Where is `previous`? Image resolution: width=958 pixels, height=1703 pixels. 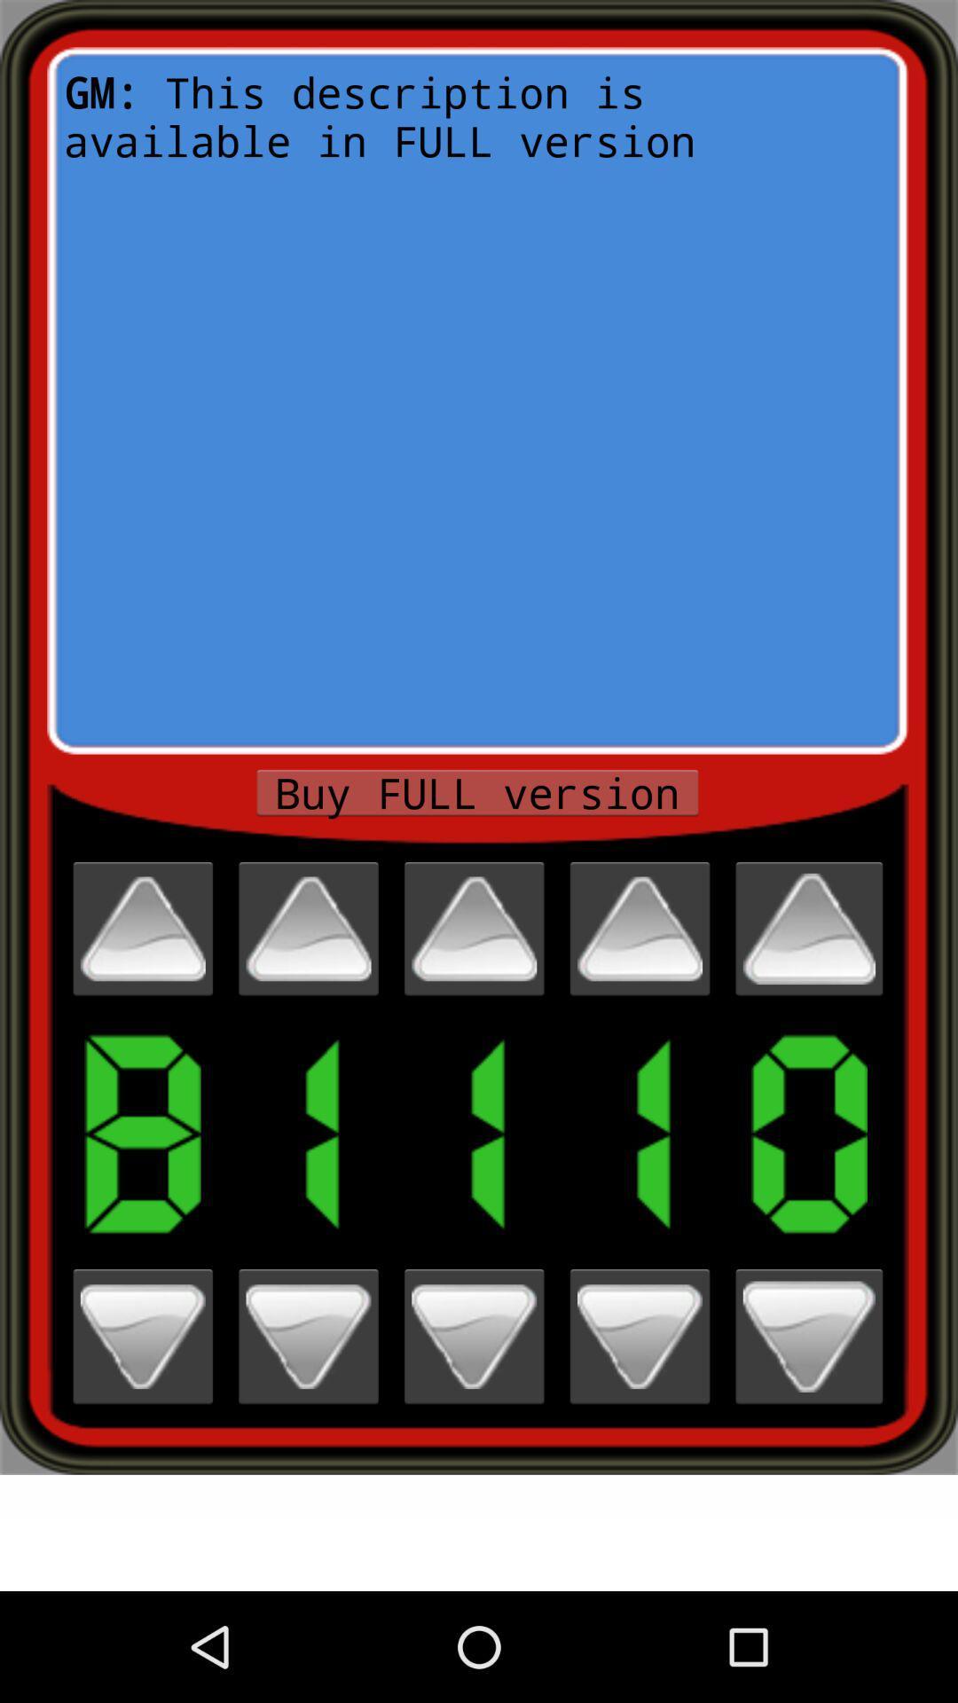 previous is located at coordinates (307, 928).